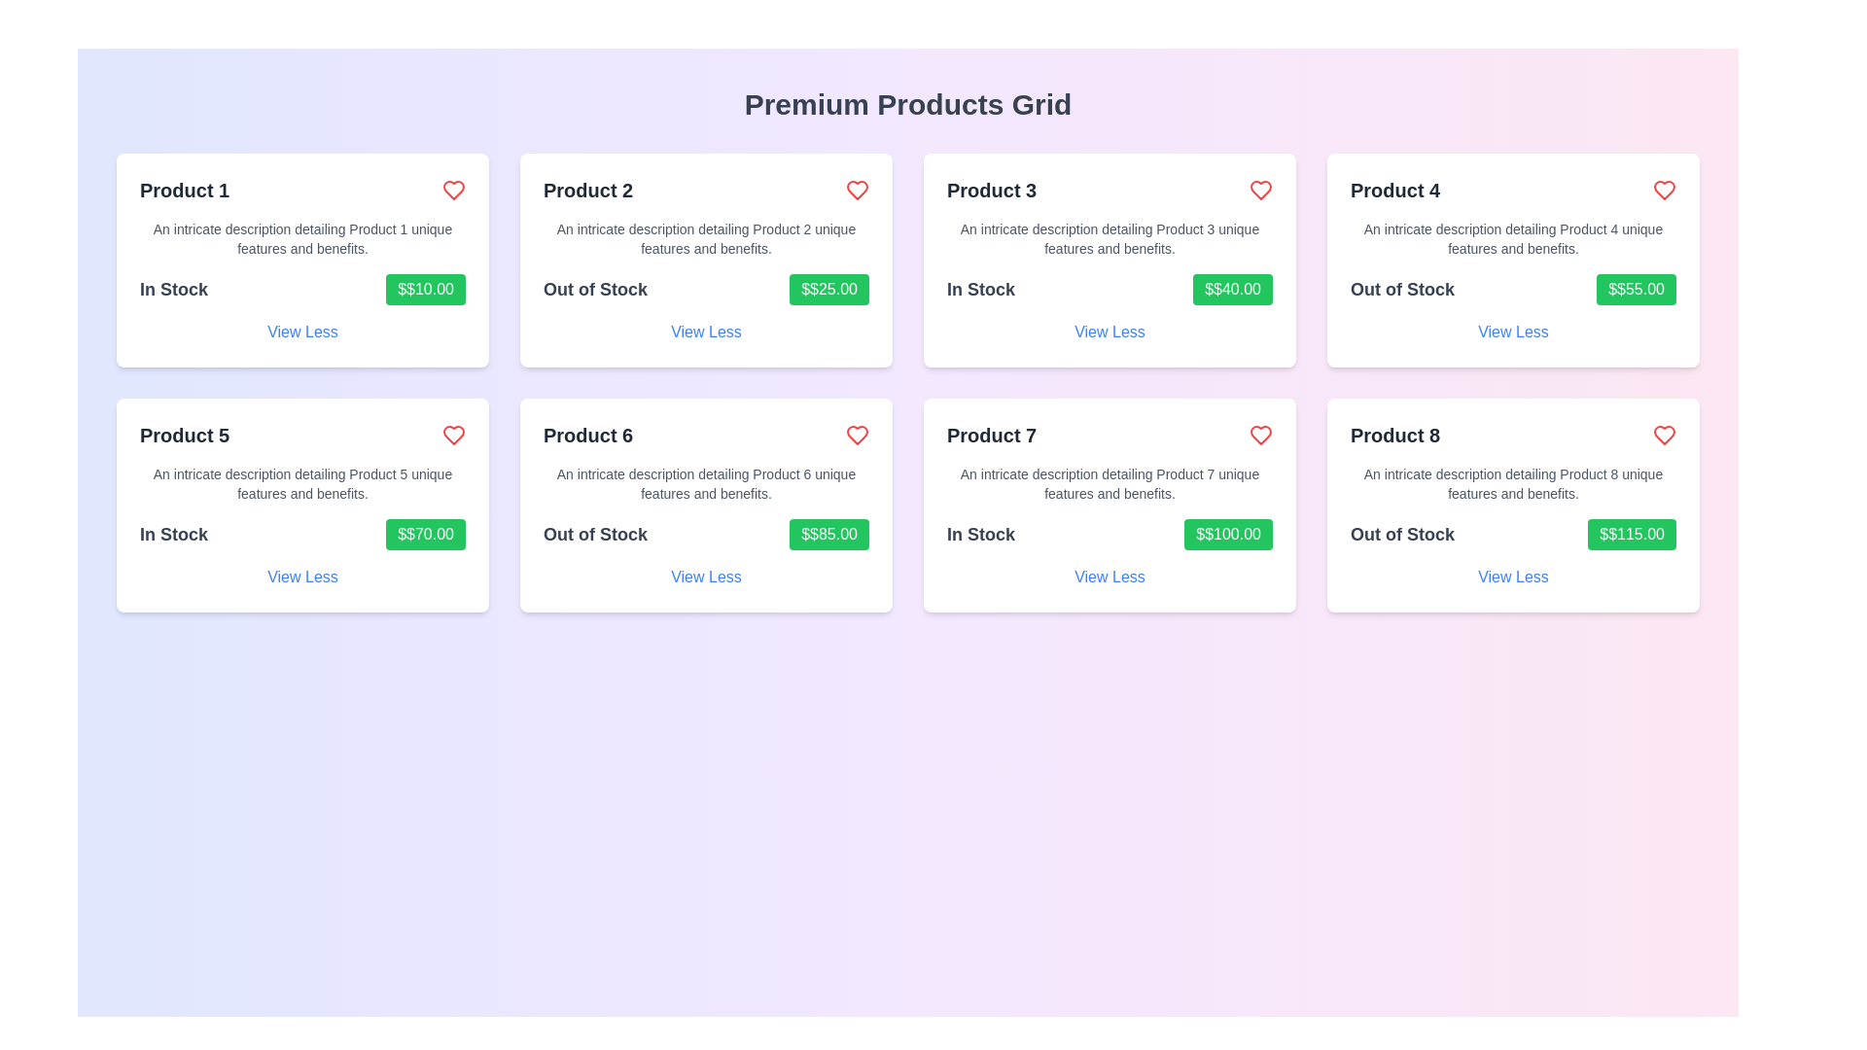 The width and height of the screenshot is (1867, 1050). Describe the element at coordinates (1512, 332) in the screenshot. I see `the 'View Less' hyperlink styled with blue text and an underline` at that location.